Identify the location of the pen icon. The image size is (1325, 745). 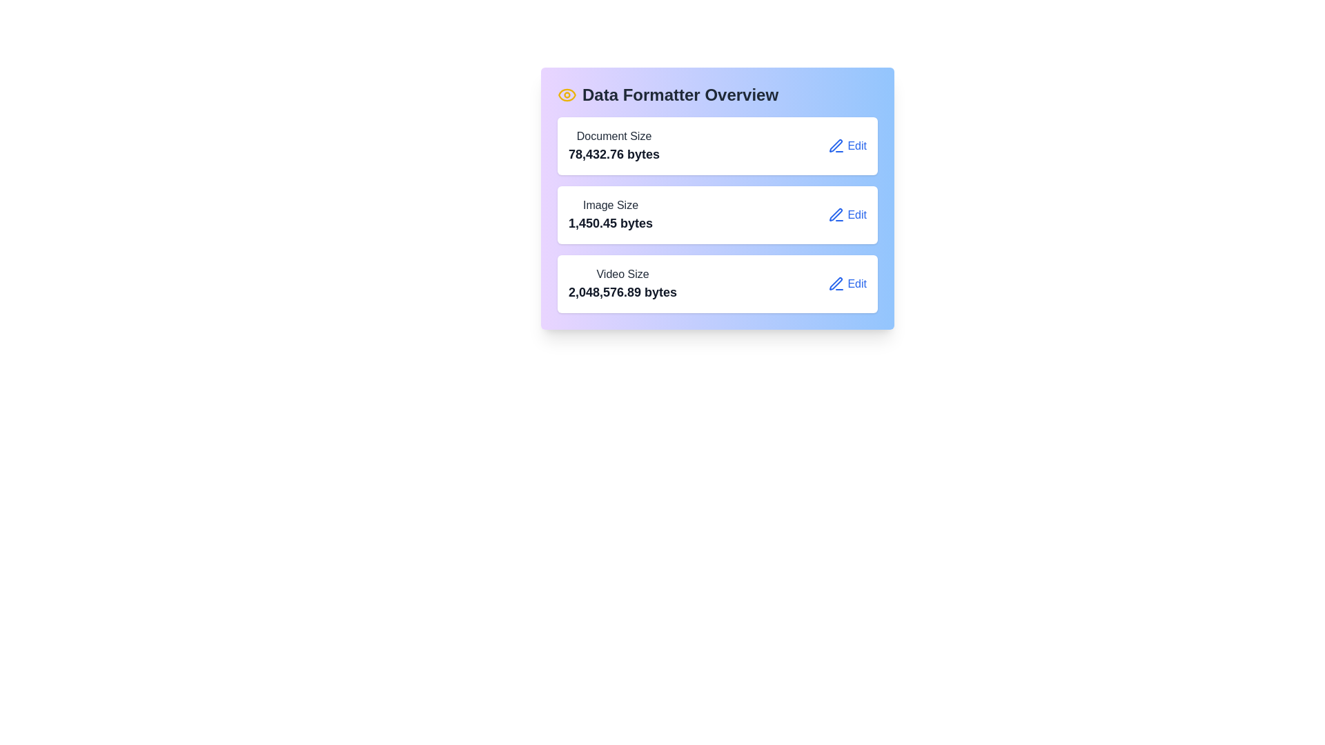
(835, 146).